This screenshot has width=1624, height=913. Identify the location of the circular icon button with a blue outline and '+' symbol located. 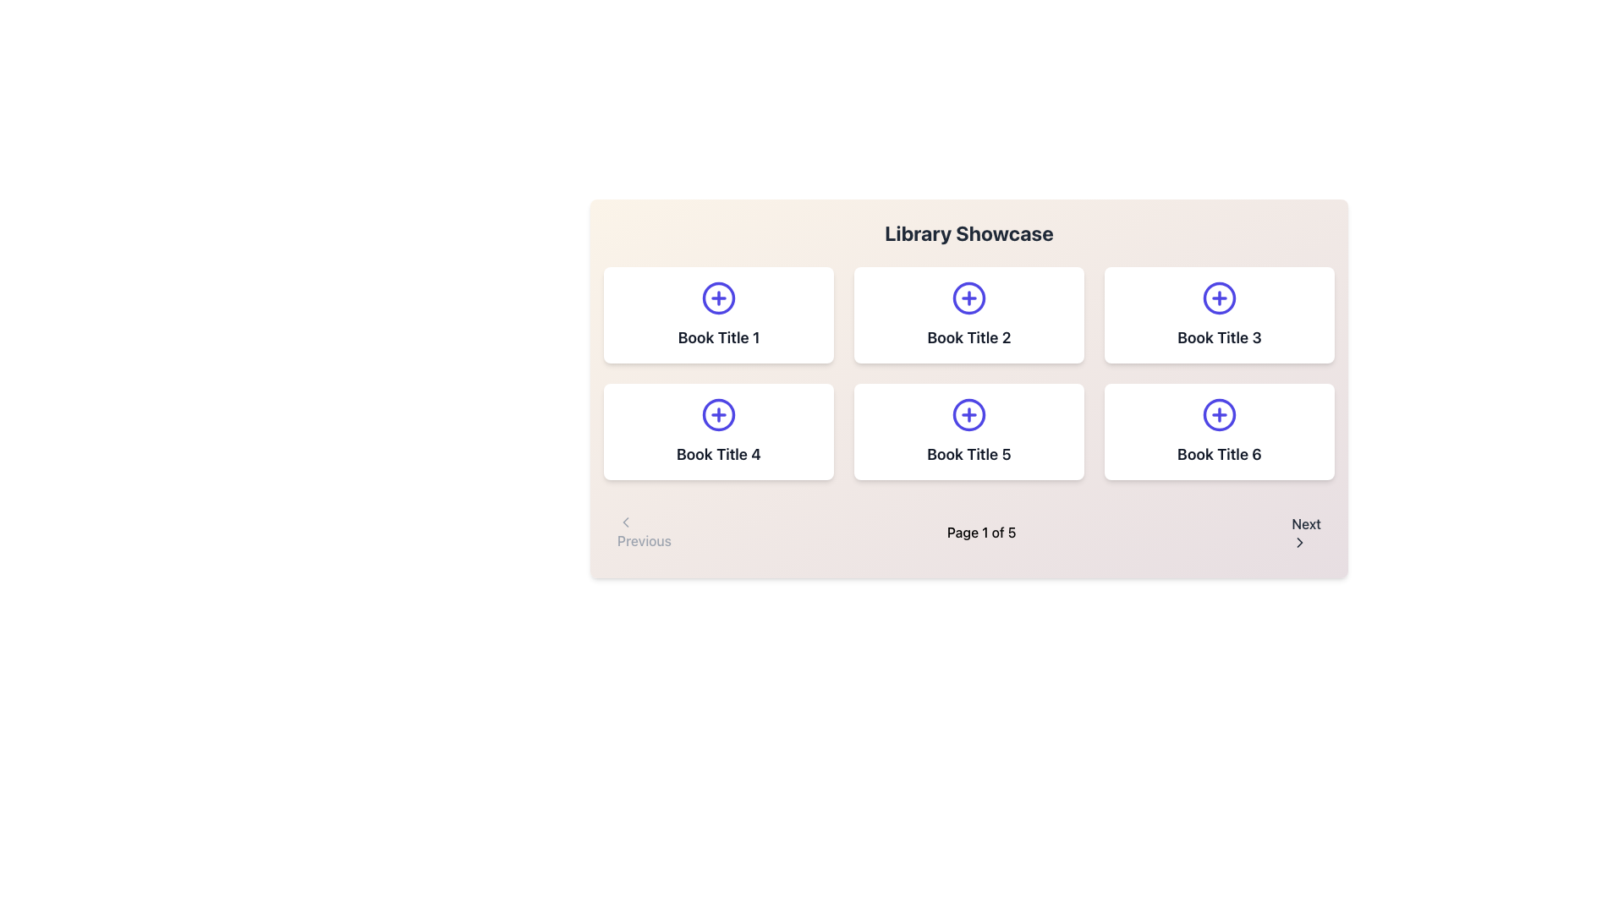
(1219, 414).